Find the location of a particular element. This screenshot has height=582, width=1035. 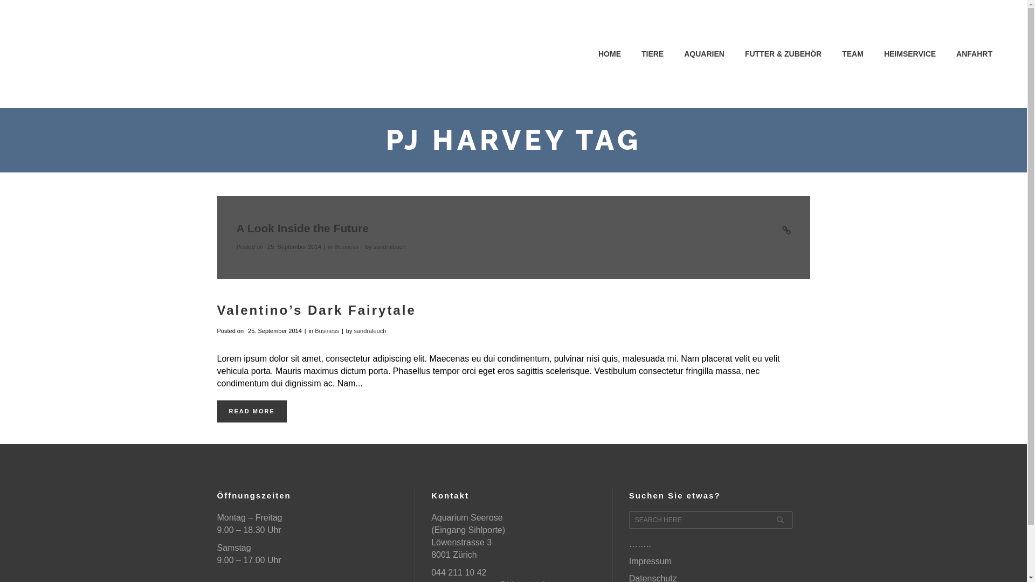

'READ MORE' is located at coordinates (251, 411).